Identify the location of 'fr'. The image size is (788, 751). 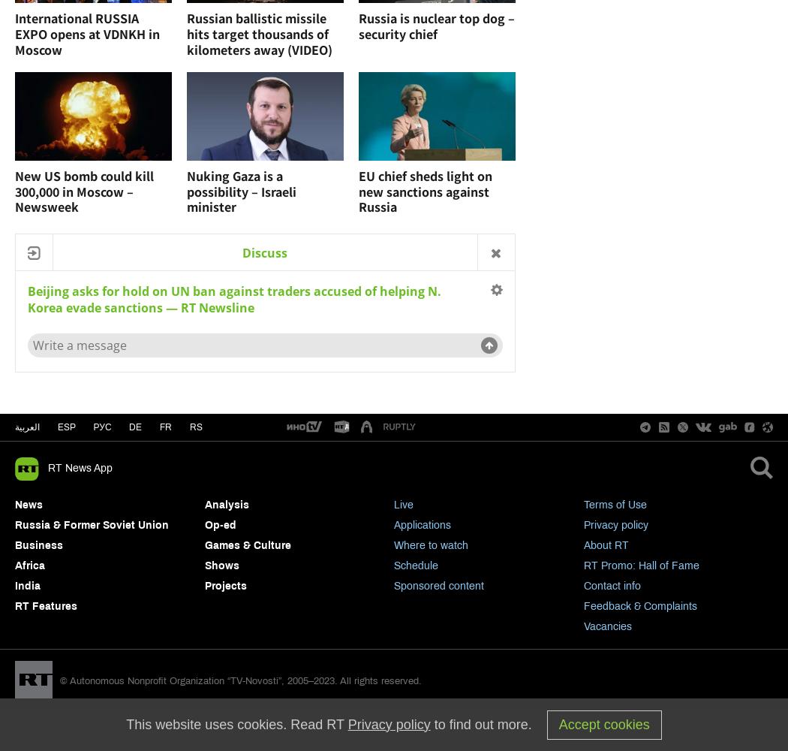
(165, 427).